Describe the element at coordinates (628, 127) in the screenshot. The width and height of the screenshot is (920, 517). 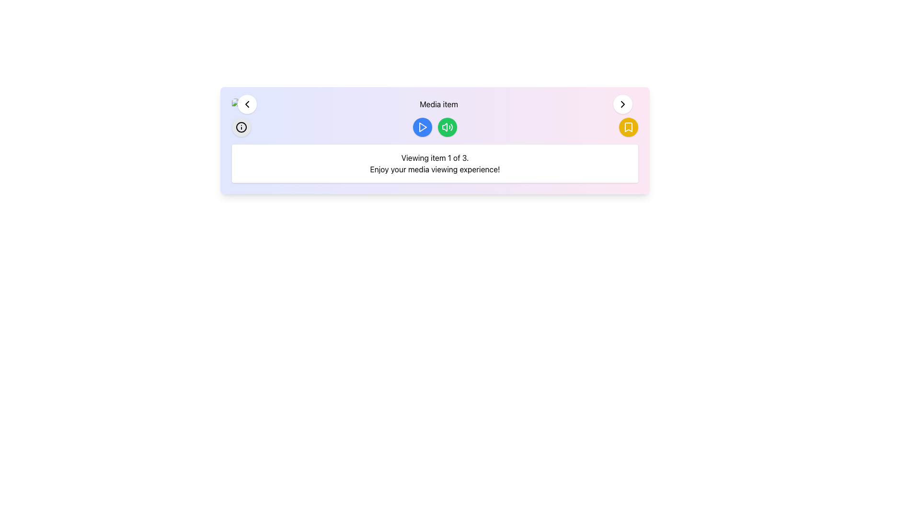
I see `the SVG Icon within the Circular Yellow Button located at the bottom-right corner of the horizontal navigation bar` at that location.